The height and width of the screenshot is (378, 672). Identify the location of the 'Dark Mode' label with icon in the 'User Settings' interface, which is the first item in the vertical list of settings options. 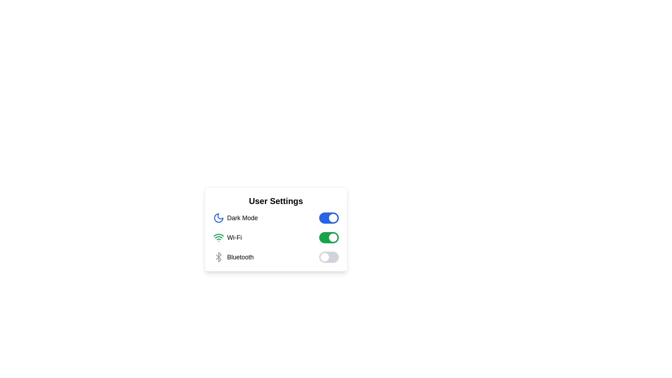
(235, 218).